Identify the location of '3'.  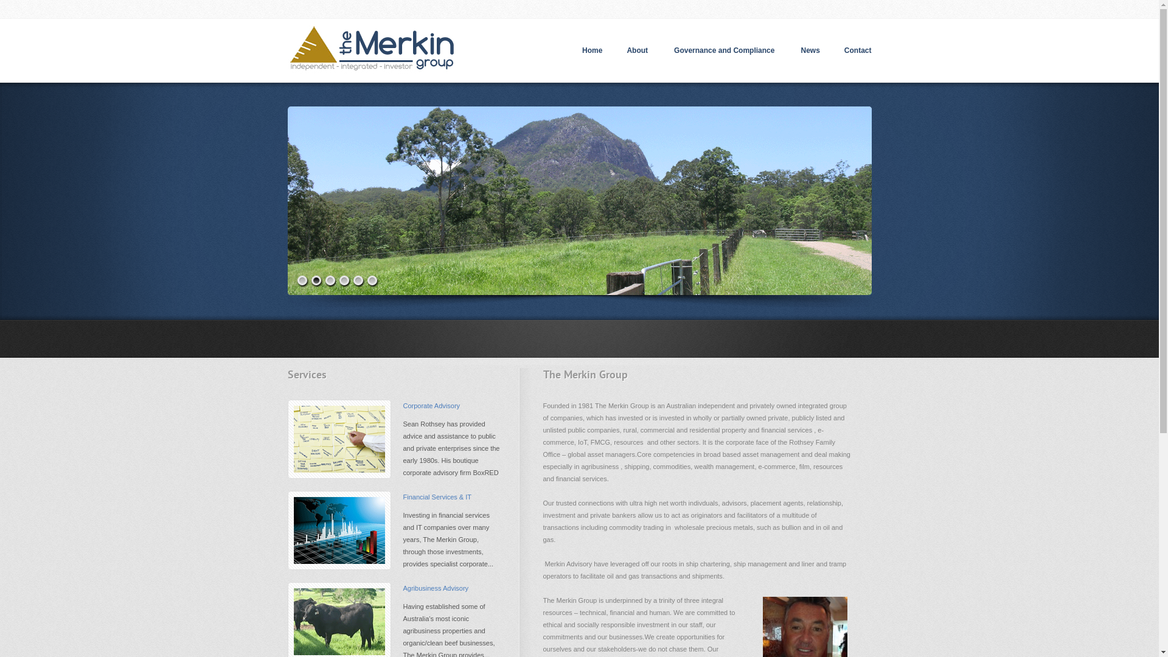
(330, 282).